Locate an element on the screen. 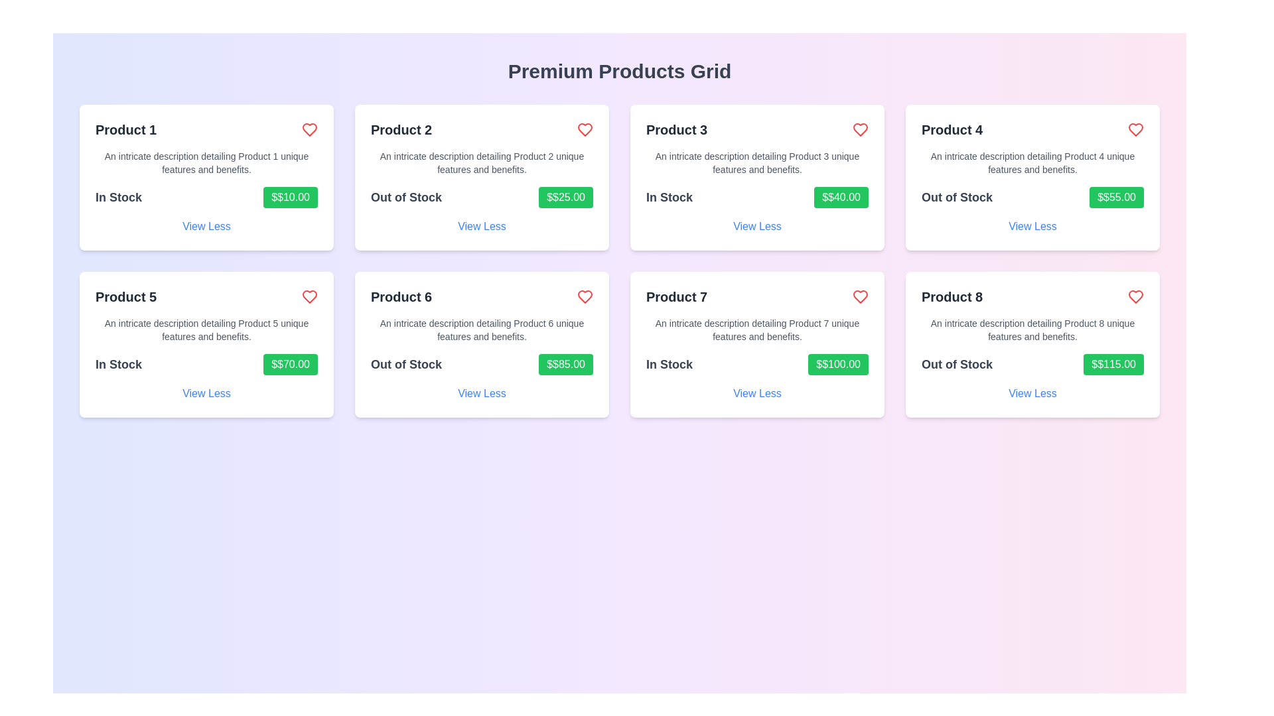 This screenshot has width=1274, height=716. the second heart icon at the top right corner of the 'Product 2' card is located at coordinates (1135, 296).